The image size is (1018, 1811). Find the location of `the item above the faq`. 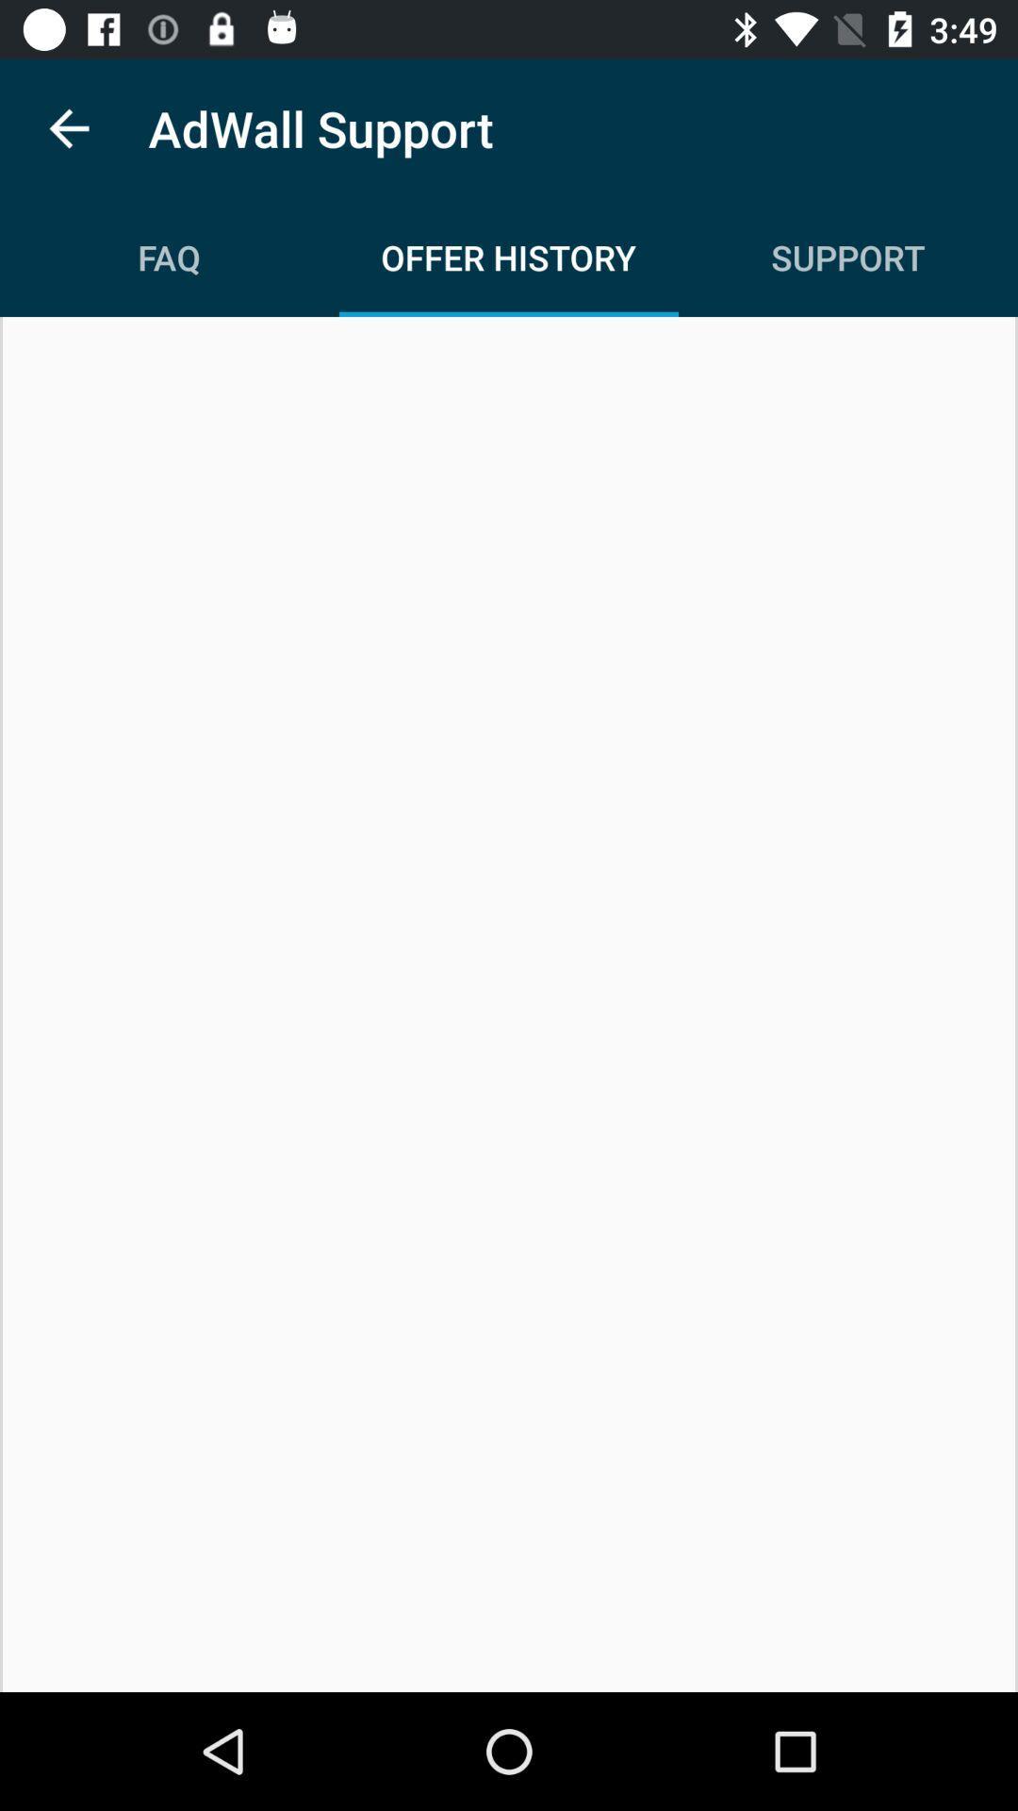

the item above the faq is located at coordinates (68, 127).